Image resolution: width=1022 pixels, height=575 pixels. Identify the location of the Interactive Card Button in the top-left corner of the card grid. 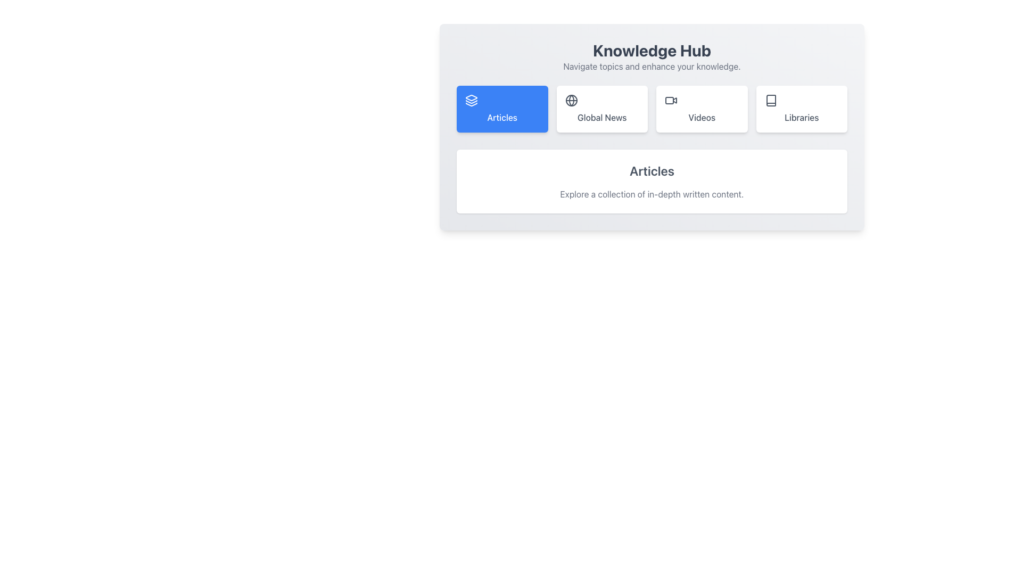
(501, 109).